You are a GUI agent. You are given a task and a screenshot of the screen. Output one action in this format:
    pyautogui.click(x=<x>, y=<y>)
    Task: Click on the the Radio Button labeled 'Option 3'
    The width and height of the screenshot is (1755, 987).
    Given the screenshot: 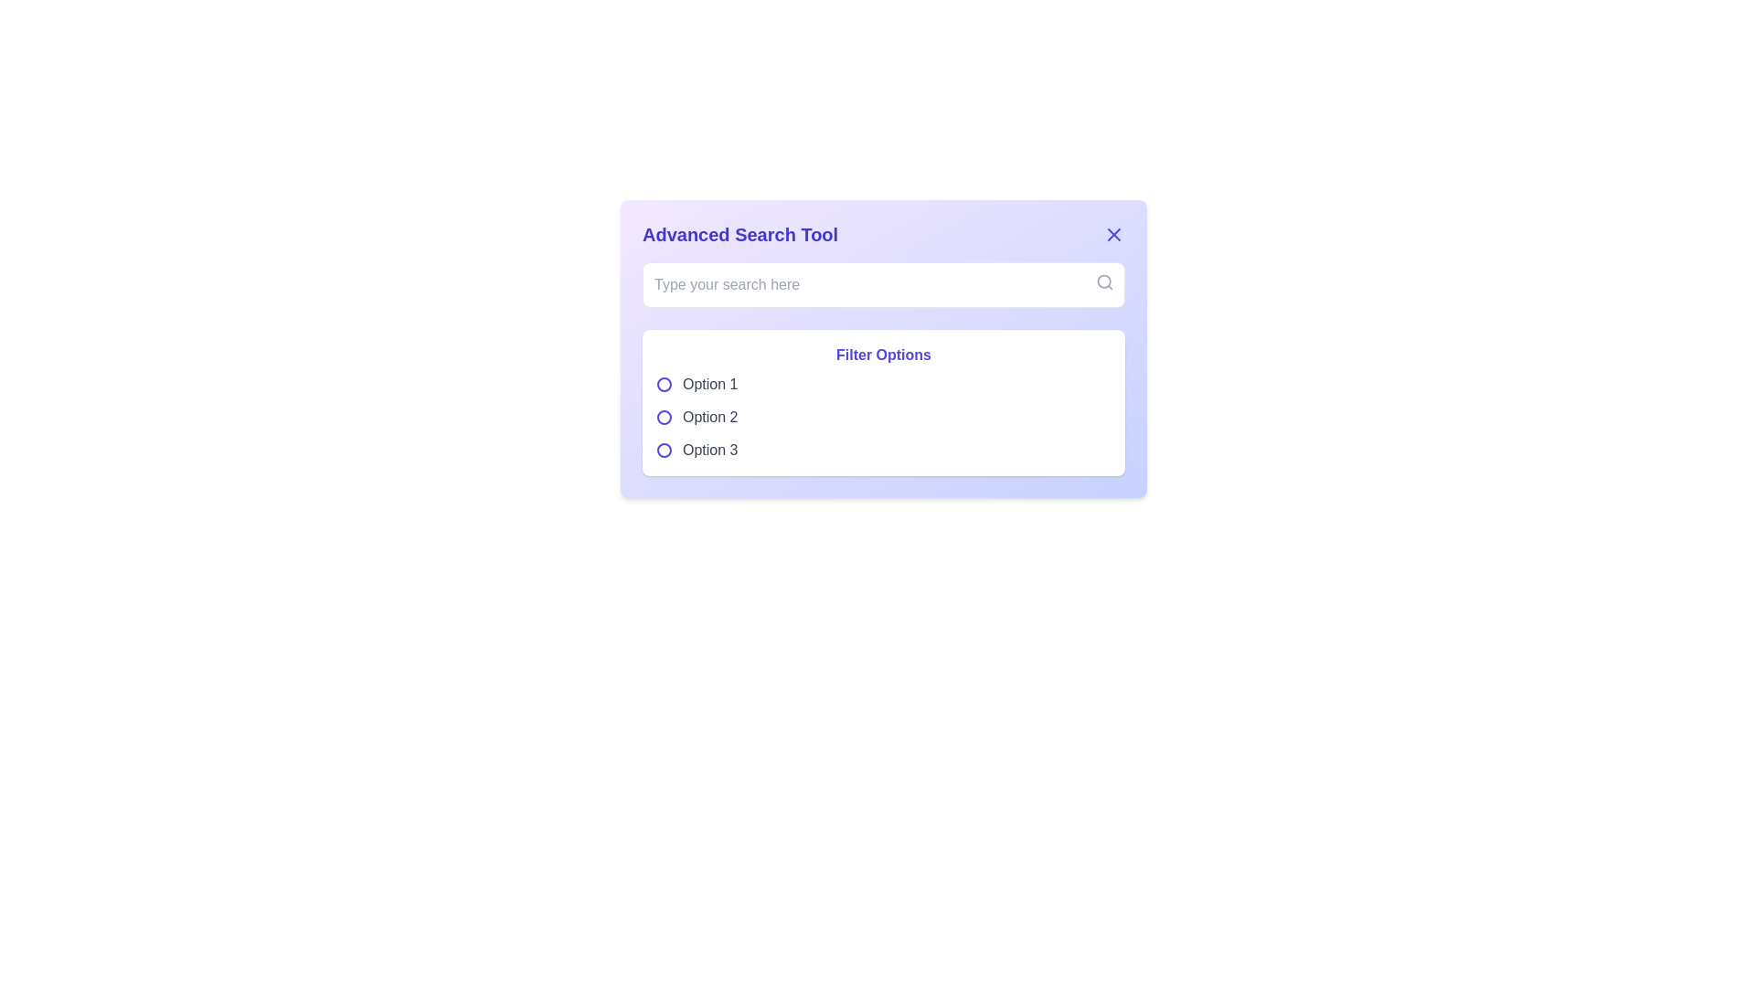 What is the action you would take?
    pyautogui.click(x=883, y=451)
    